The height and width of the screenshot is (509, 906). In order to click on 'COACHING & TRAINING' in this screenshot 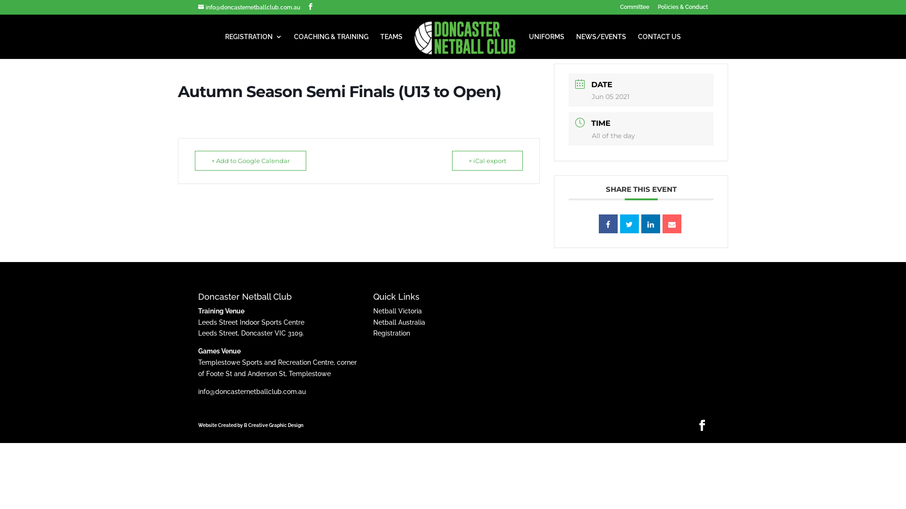, I will do `click(331, 46)`.